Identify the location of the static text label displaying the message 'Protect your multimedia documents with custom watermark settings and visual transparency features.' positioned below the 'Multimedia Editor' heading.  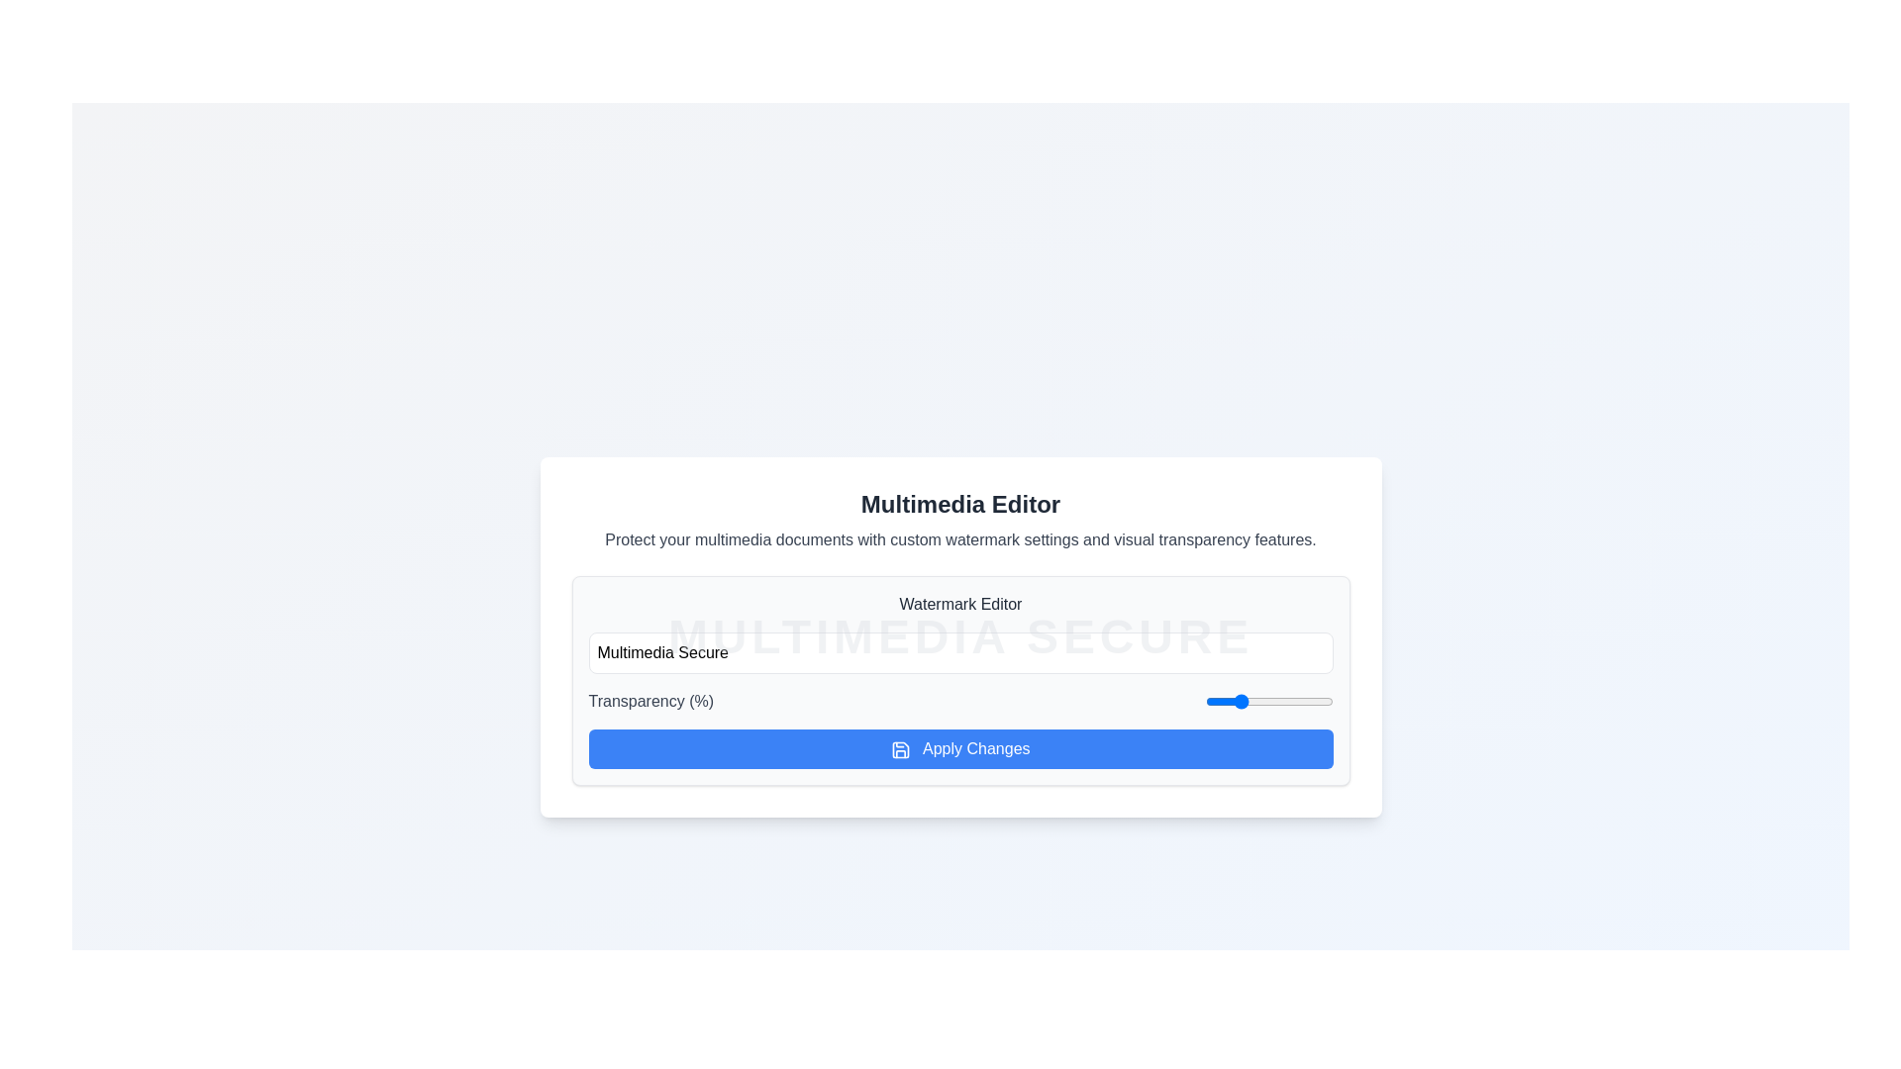
(960, 540).